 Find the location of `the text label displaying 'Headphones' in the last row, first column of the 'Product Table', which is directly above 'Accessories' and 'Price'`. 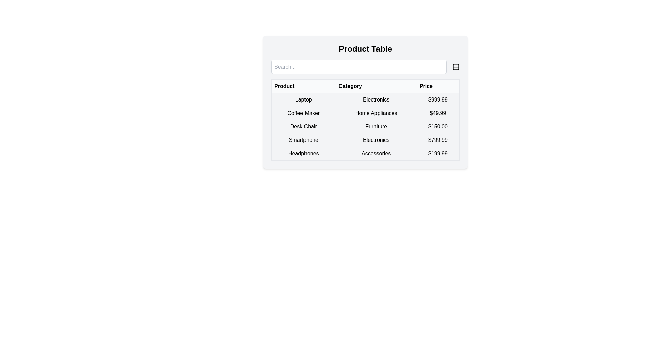

the text label displaying 'Headphones' in the last row, first column of the 'Product Table', which is directly above 'Accessories' and 'Price' is located at coordinates (303, 154).